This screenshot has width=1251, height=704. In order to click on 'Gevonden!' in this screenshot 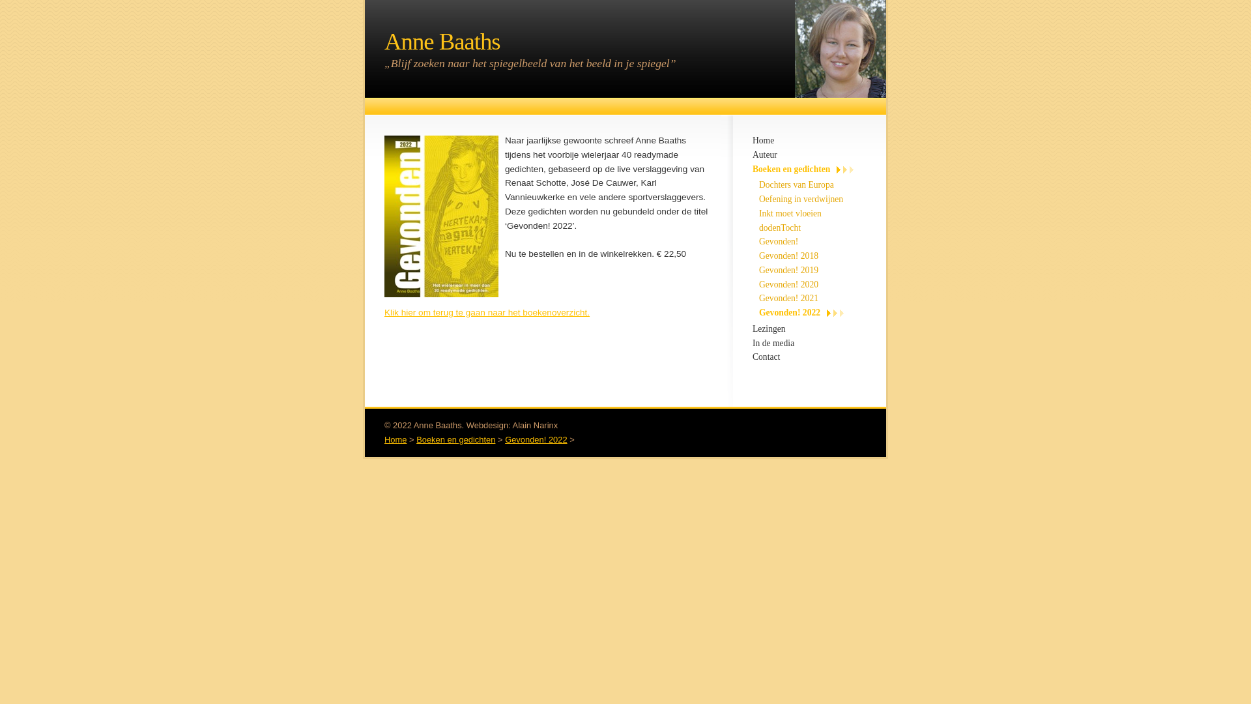, I will do `click(779, 241)`.